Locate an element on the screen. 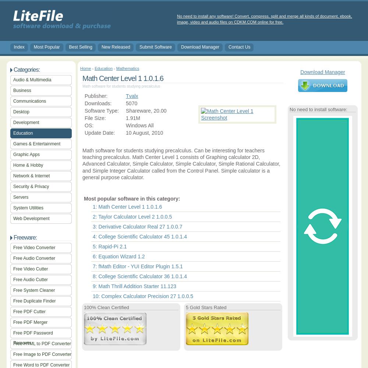 Image resolution: width=368 pixels, height=368 pixels. 'Home & Hobby' is located at coordinates (13, 165).